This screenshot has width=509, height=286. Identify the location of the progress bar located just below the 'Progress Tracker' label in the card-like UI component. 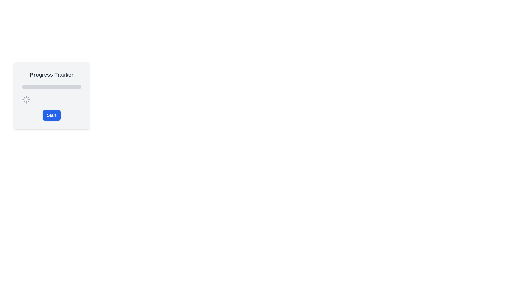
(52, 86).